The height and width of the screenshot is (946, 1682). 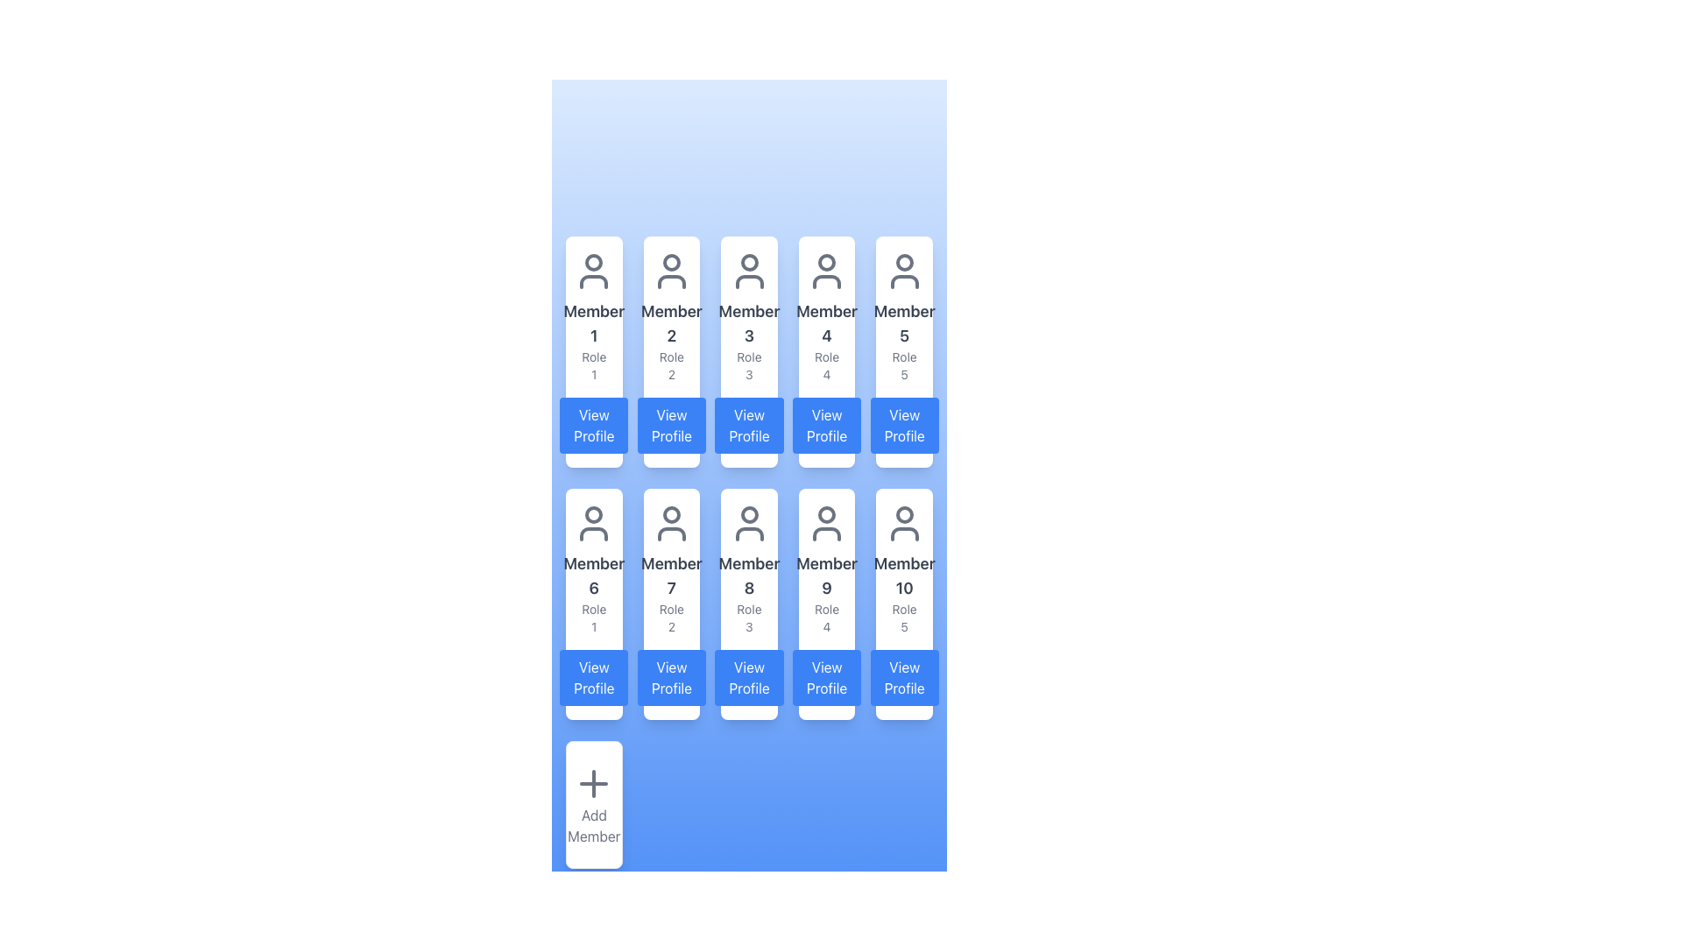 I want to click on the third card in the top row of a grid layout that displays a user icon, the text 'Member 3', and a button labeled 'View Profile', so click(x=749, y=351).